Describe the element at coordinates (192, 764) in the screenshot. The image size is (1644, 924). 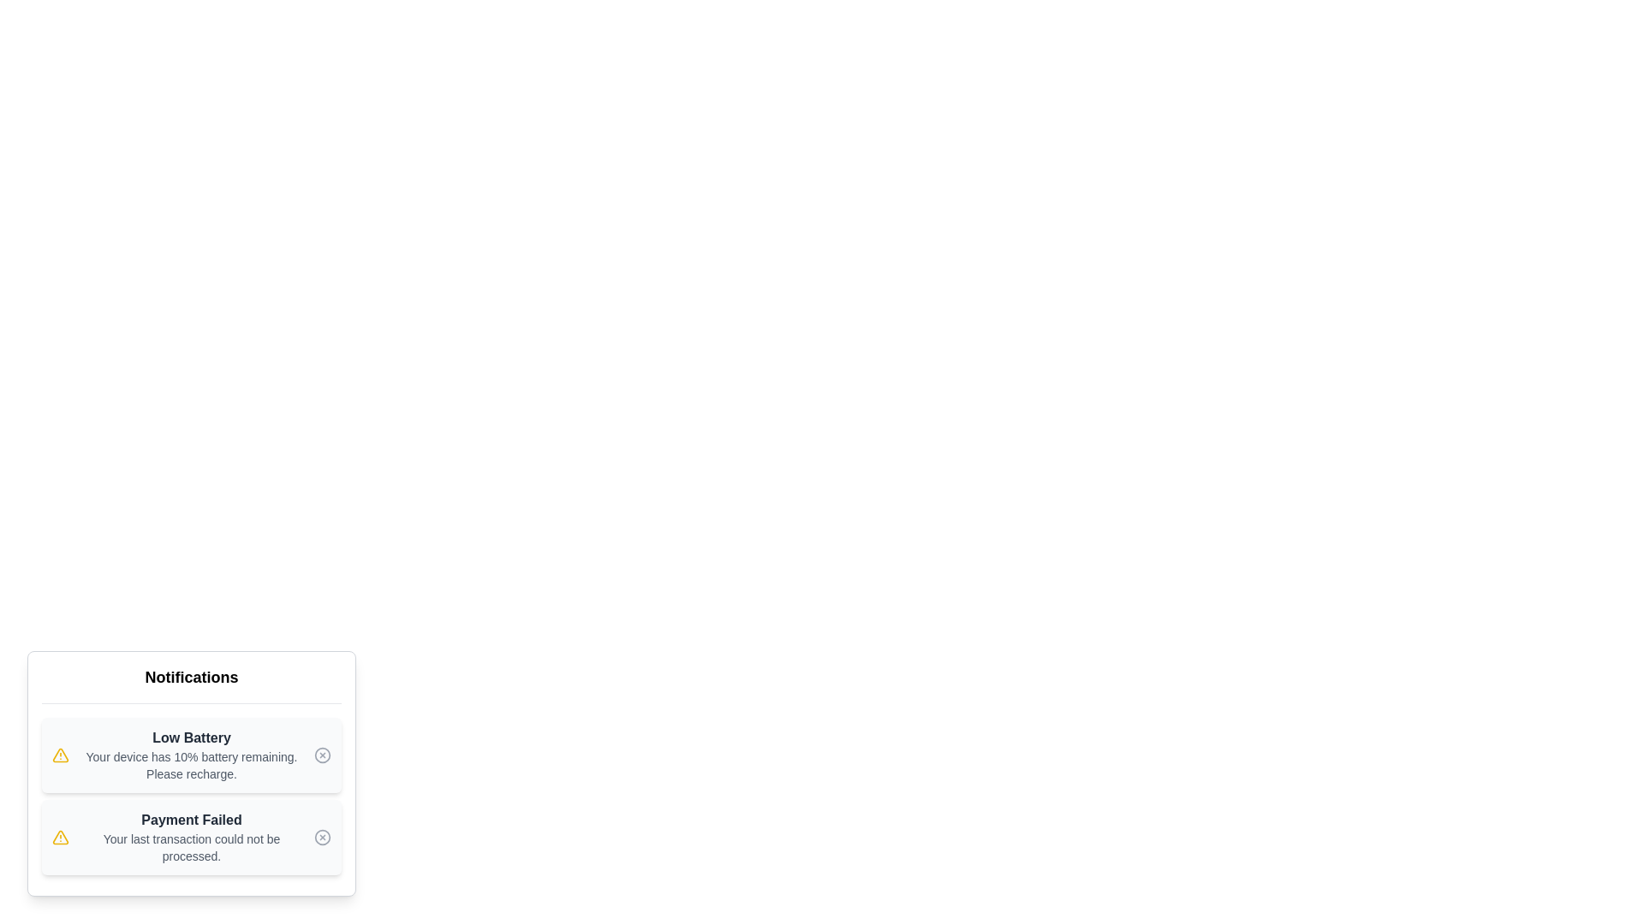
I see `text content of the informative notification Text Label located below the 'Low Battery' text within the notification card` at that location.